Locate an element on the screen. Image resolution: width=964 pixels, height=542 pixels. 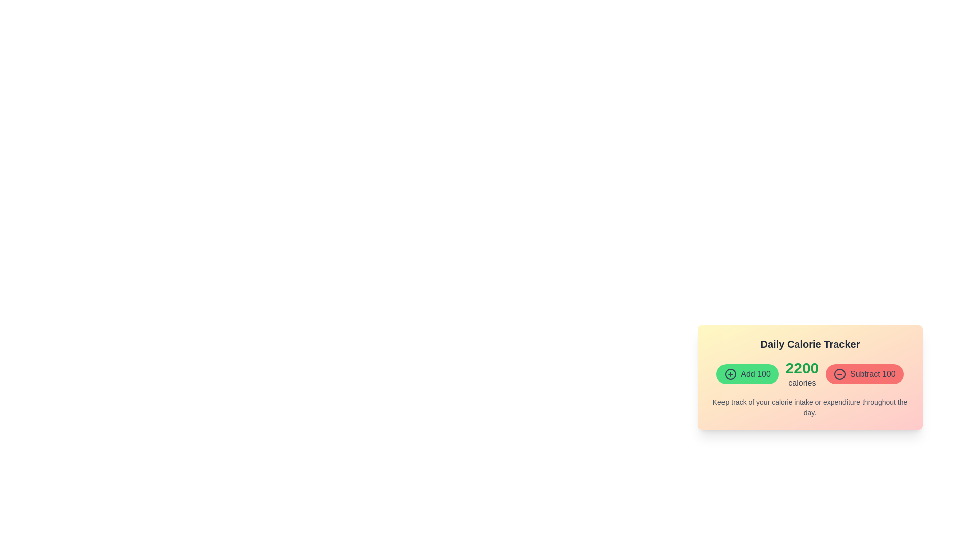
the green circular SVG icon with a red cross, located to the left of the 'Add 100' button in the calorie tracker interface is located at coordinates (731, 374).